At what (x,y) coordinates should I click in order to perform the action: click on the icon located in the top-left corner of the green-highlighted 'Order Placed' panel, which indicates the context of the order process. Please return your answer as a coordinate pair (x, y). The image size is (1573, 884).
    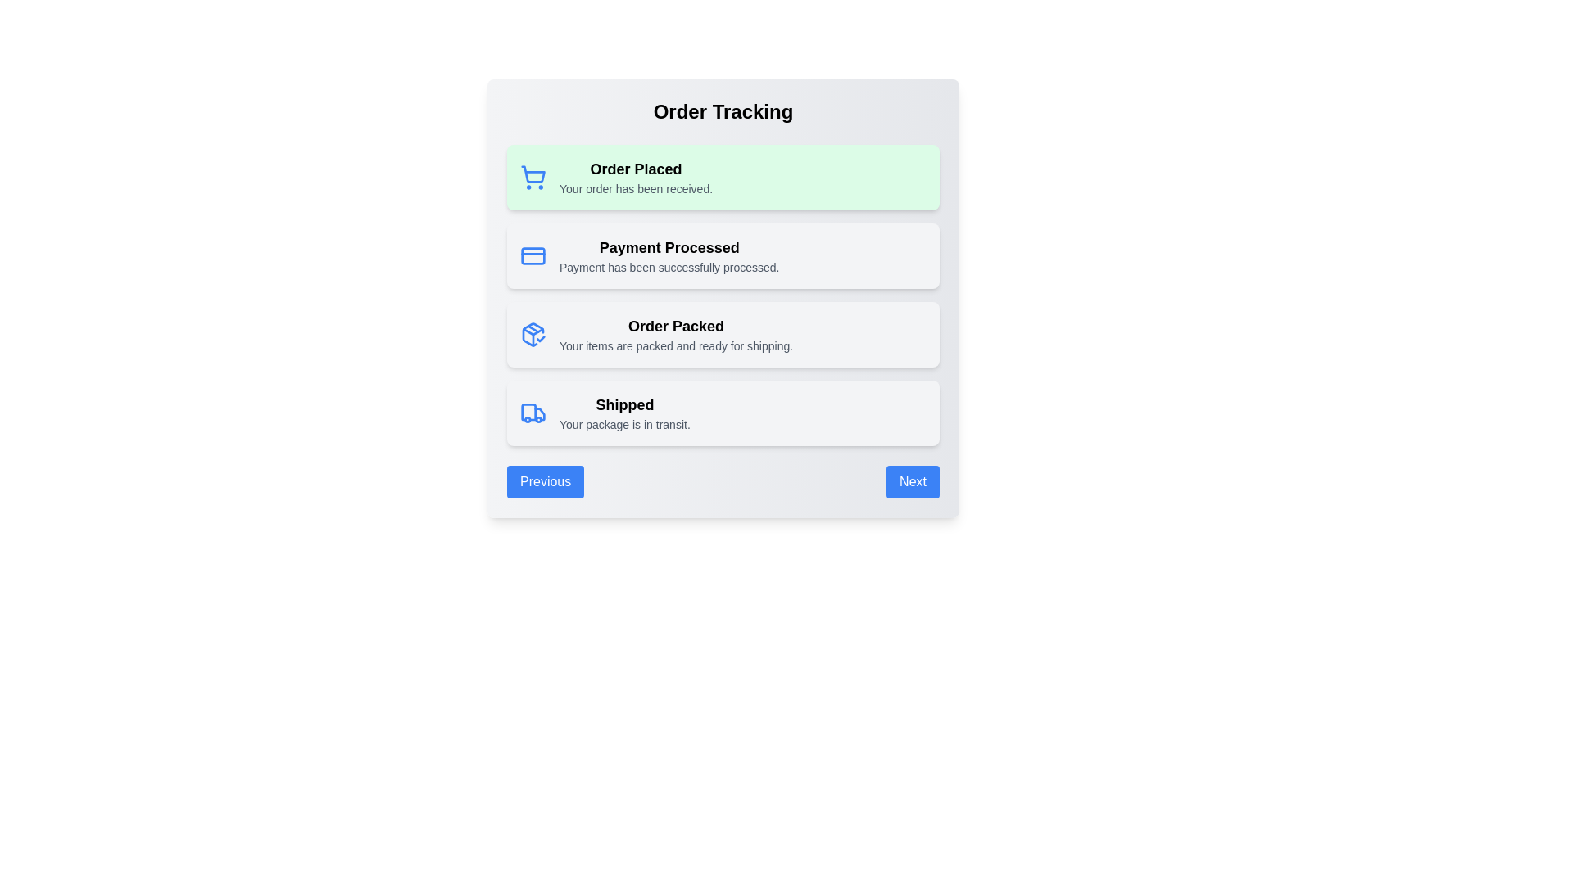
    Looking at the image, I should click on (533, 177).